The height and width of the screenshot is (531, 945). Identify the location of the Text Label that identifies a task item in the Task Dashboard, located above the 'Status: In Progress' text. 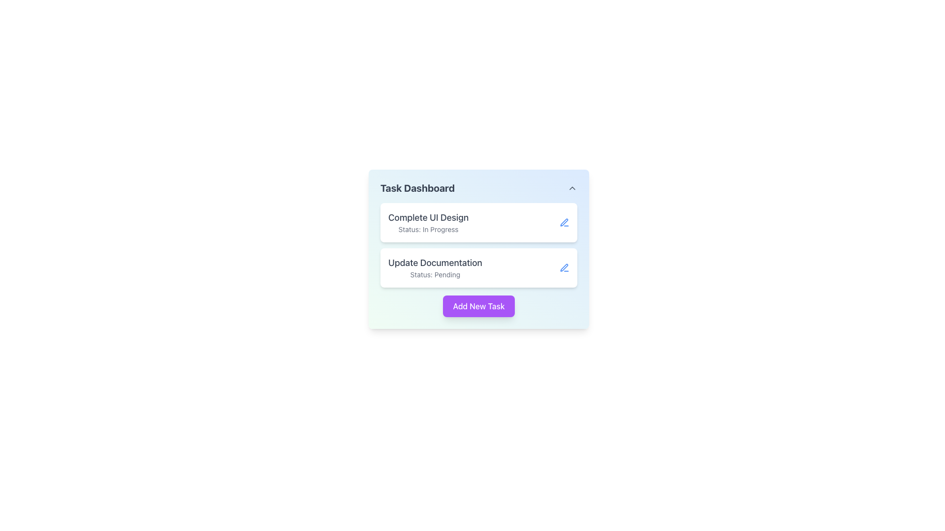
(428, 217).